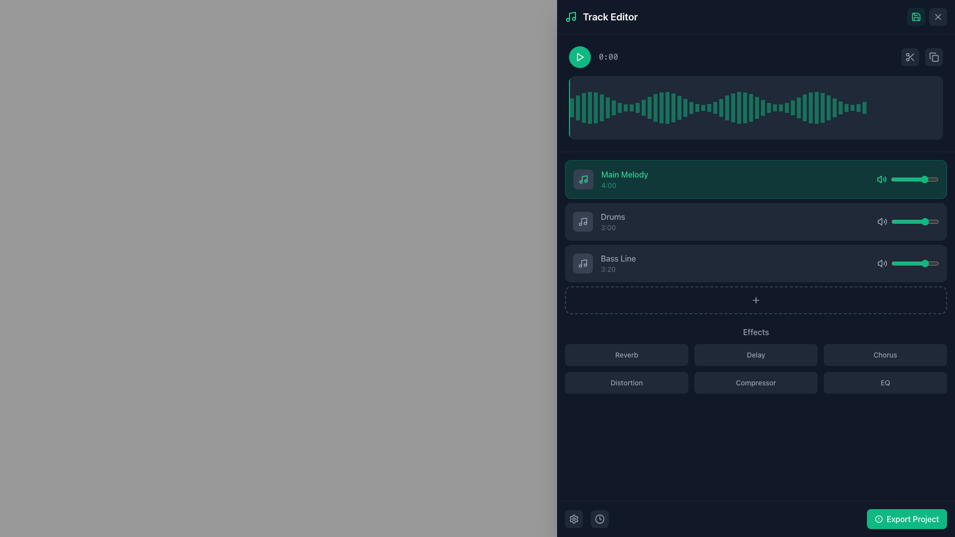 The image size is (955, 537). Describe the element at coordinates (739, 107) in the screenshot. I see `the greenish vertical rectangle graphical bar located in the 31st position of the waveform visualization in the Track Editor section for interaction` at that location.